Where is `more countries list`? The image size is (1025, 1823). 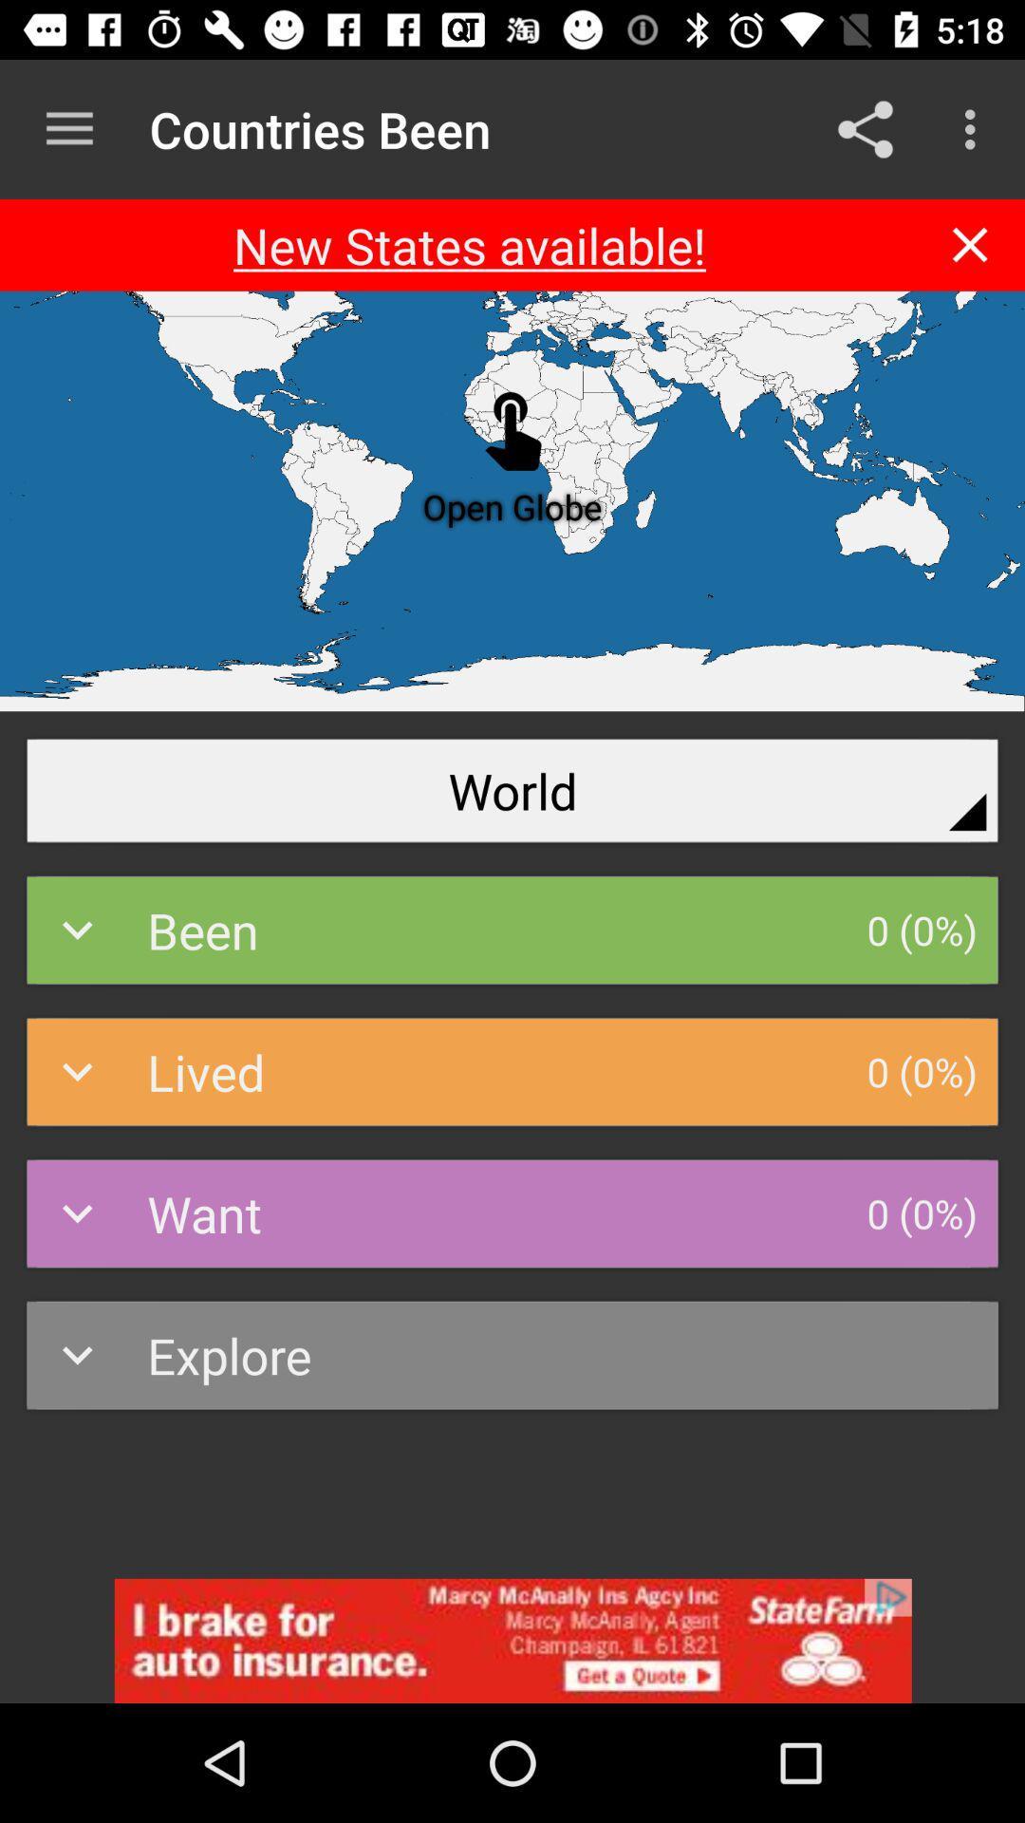 more countries list is located at coordinates (68, 128).